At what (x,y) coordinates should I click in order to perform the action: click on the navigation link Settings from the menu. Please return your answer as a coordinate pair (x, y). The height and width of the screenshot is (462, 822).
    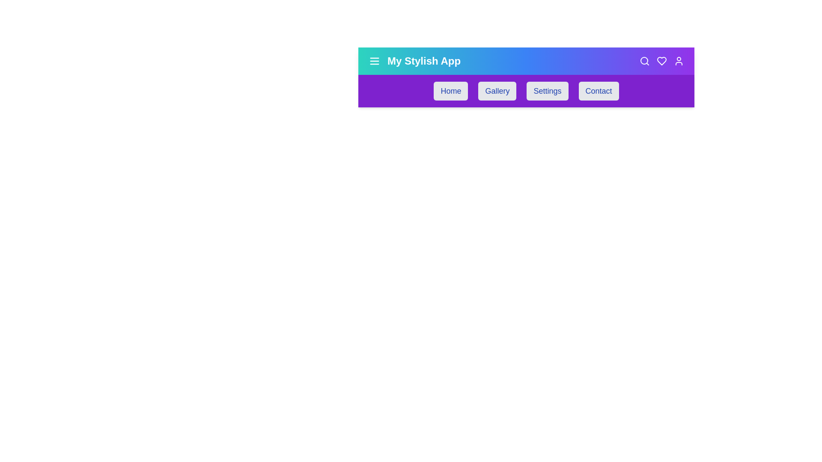
    Looking at the image, I should click on (547, 91).